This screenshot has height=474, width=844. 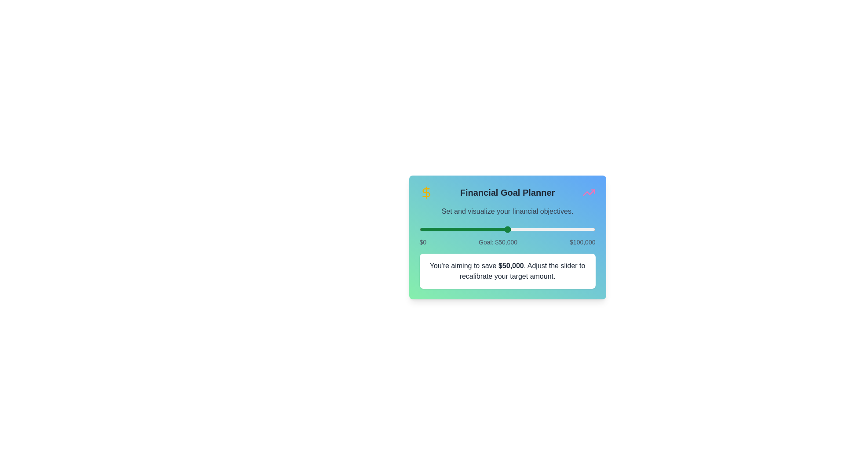 I want to click on the slider to set the financial goal to 26512 dollars, so click(x=466, y=229).